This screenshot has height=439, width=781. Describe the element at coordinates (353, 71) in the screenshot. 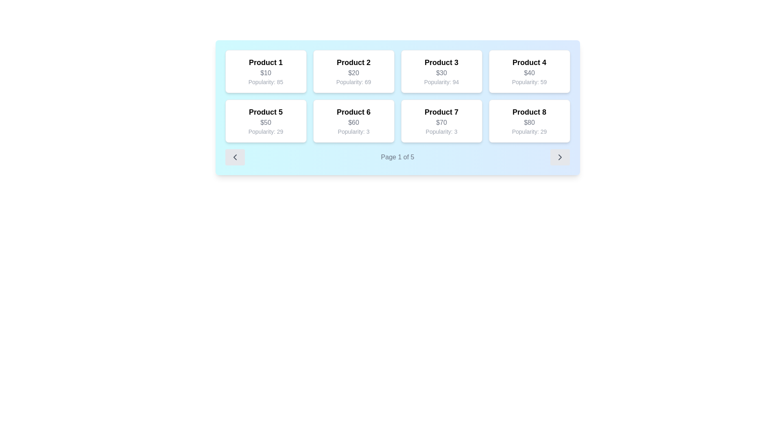

I see `the product card displaying details about the product, which is the second item in the top row of the grid layout` at that location.